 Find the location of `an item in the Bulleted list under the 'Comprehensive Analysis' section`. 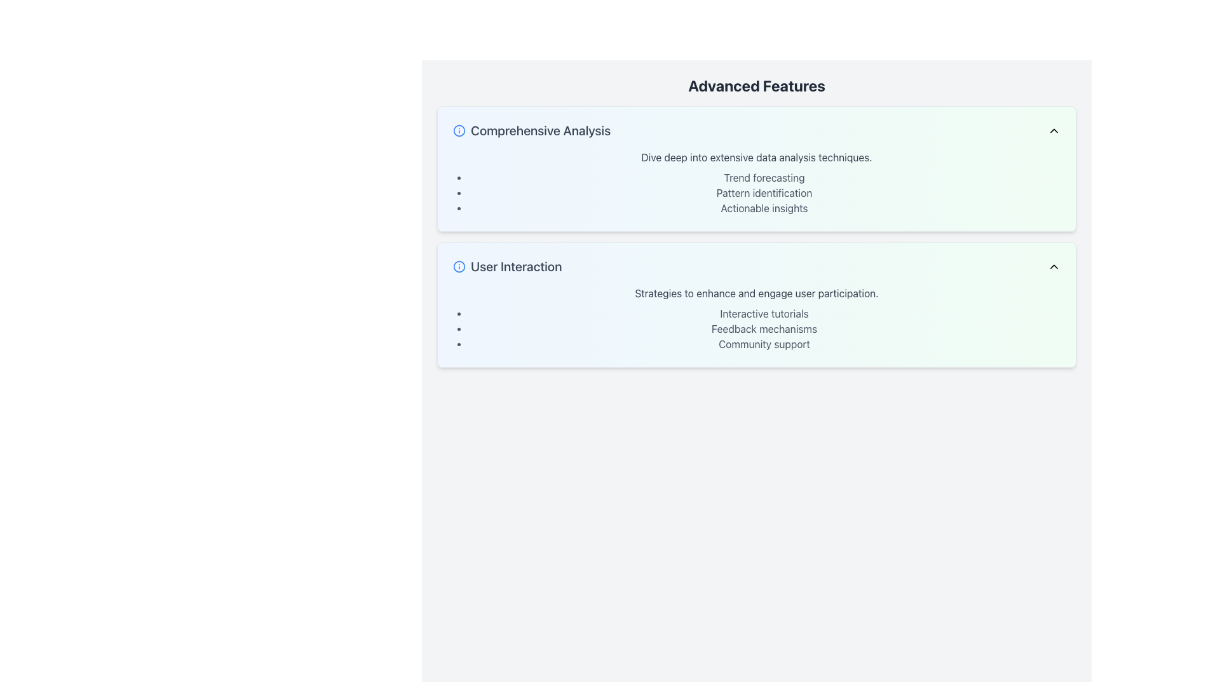

an item in the Bulleted list under the 'Comprehensive Analysis' section is located at coordinates (756, 193).